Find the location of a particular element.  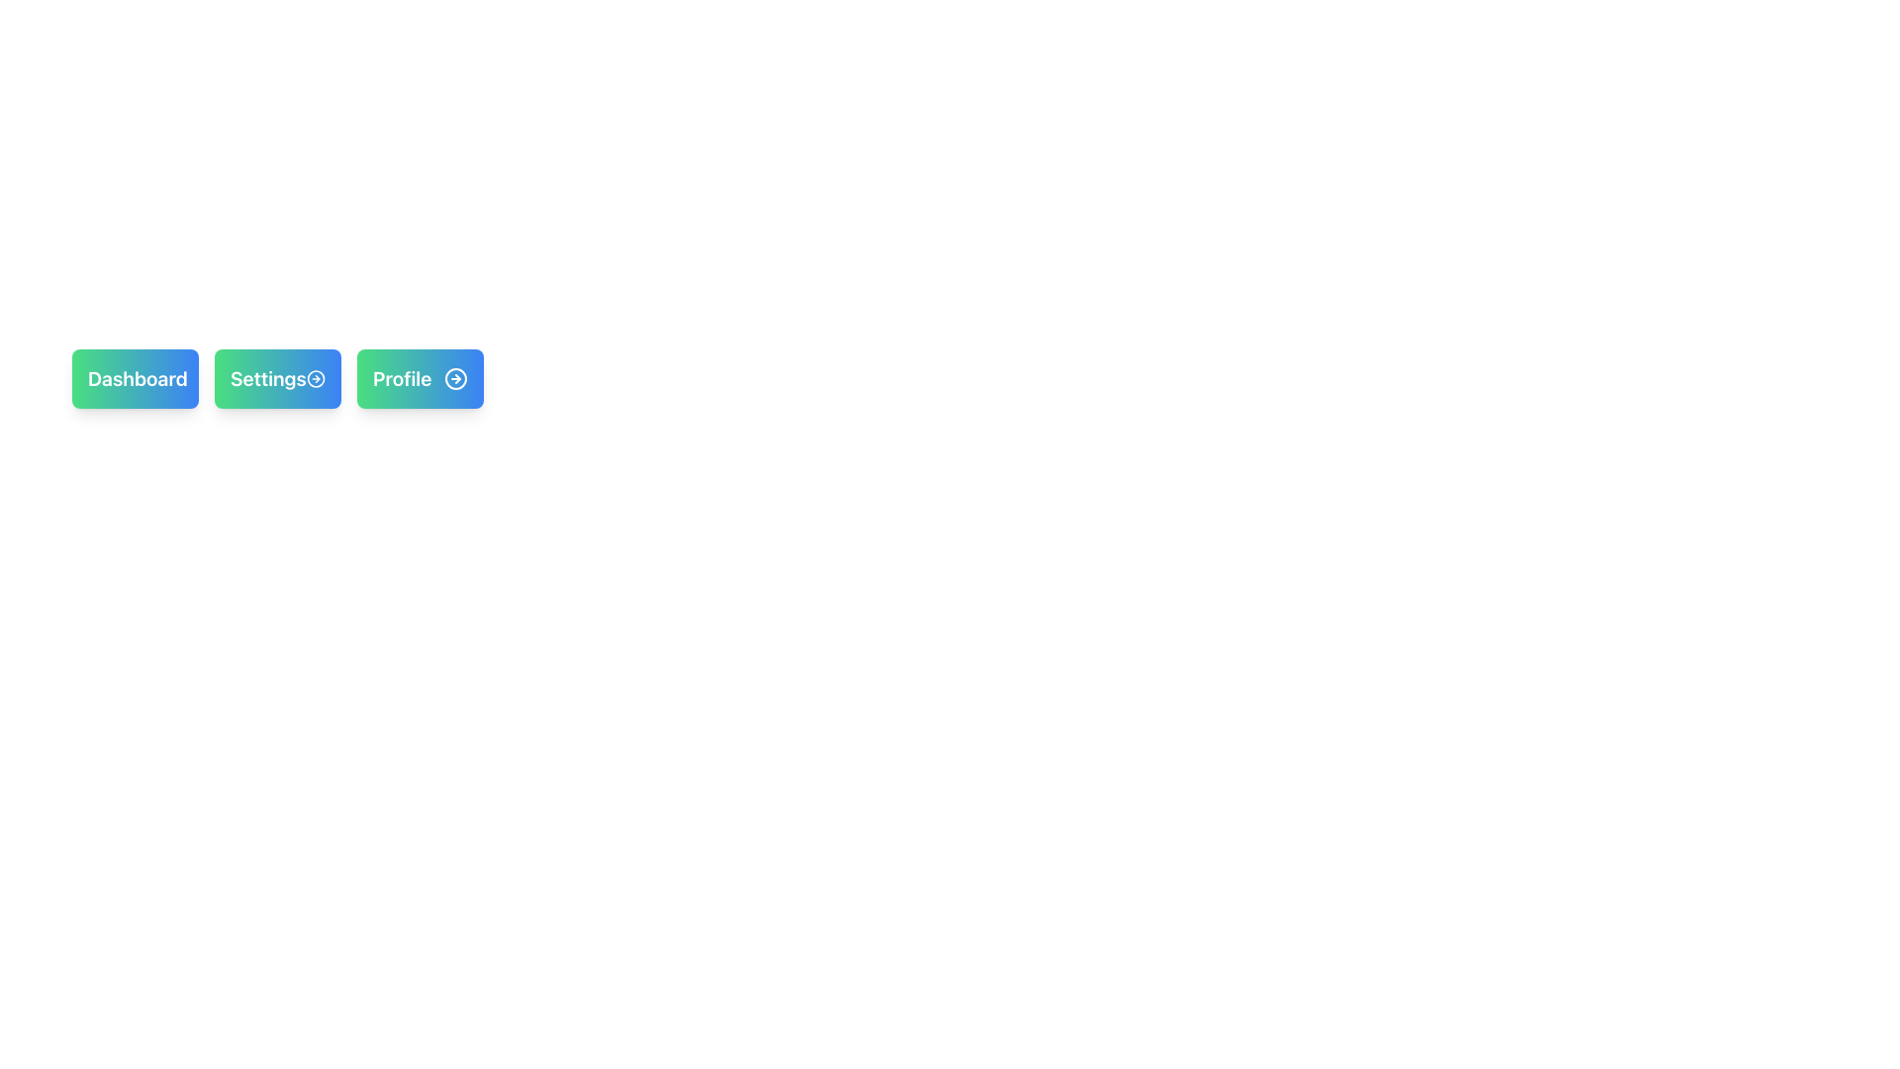

the outermost circular SVG element of the arrow icon within the 'Profile' button, which is the rightmost among three buttons is located at coordinates (454, 378).